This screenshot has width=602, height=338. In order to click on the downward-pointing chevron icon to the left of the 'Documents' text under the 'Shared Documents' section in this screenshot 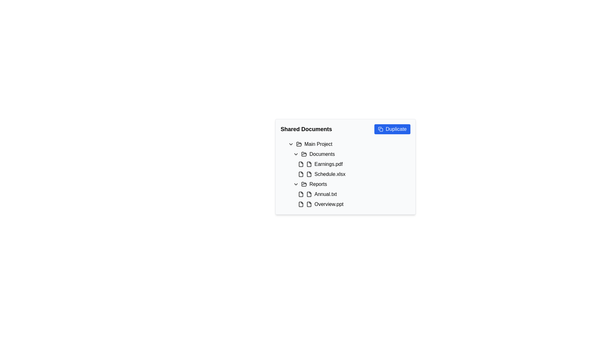, I will do `click(296, 154)`.